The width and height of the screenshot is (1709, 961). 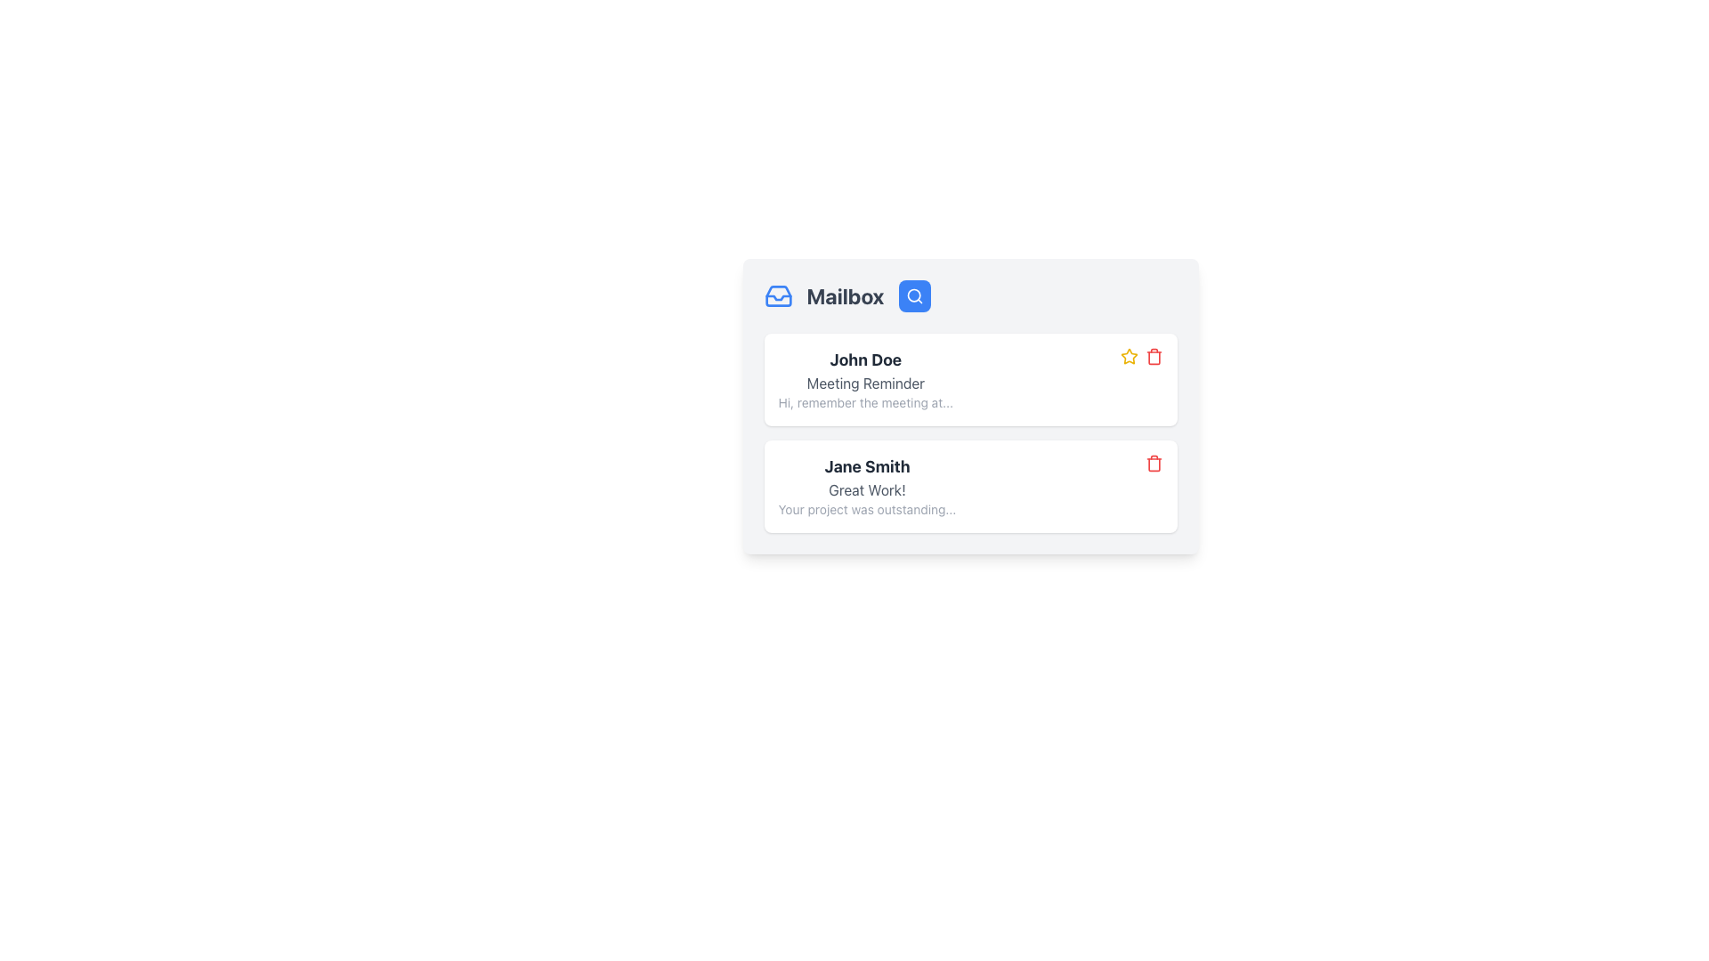 What do you see at coordinates (867, 510) in the screenshot?
I see `contextual information text located below the title 'Jane Smith' and subtitle 'Great Work!' in the structured message layout` at bounding box center [867, 510].